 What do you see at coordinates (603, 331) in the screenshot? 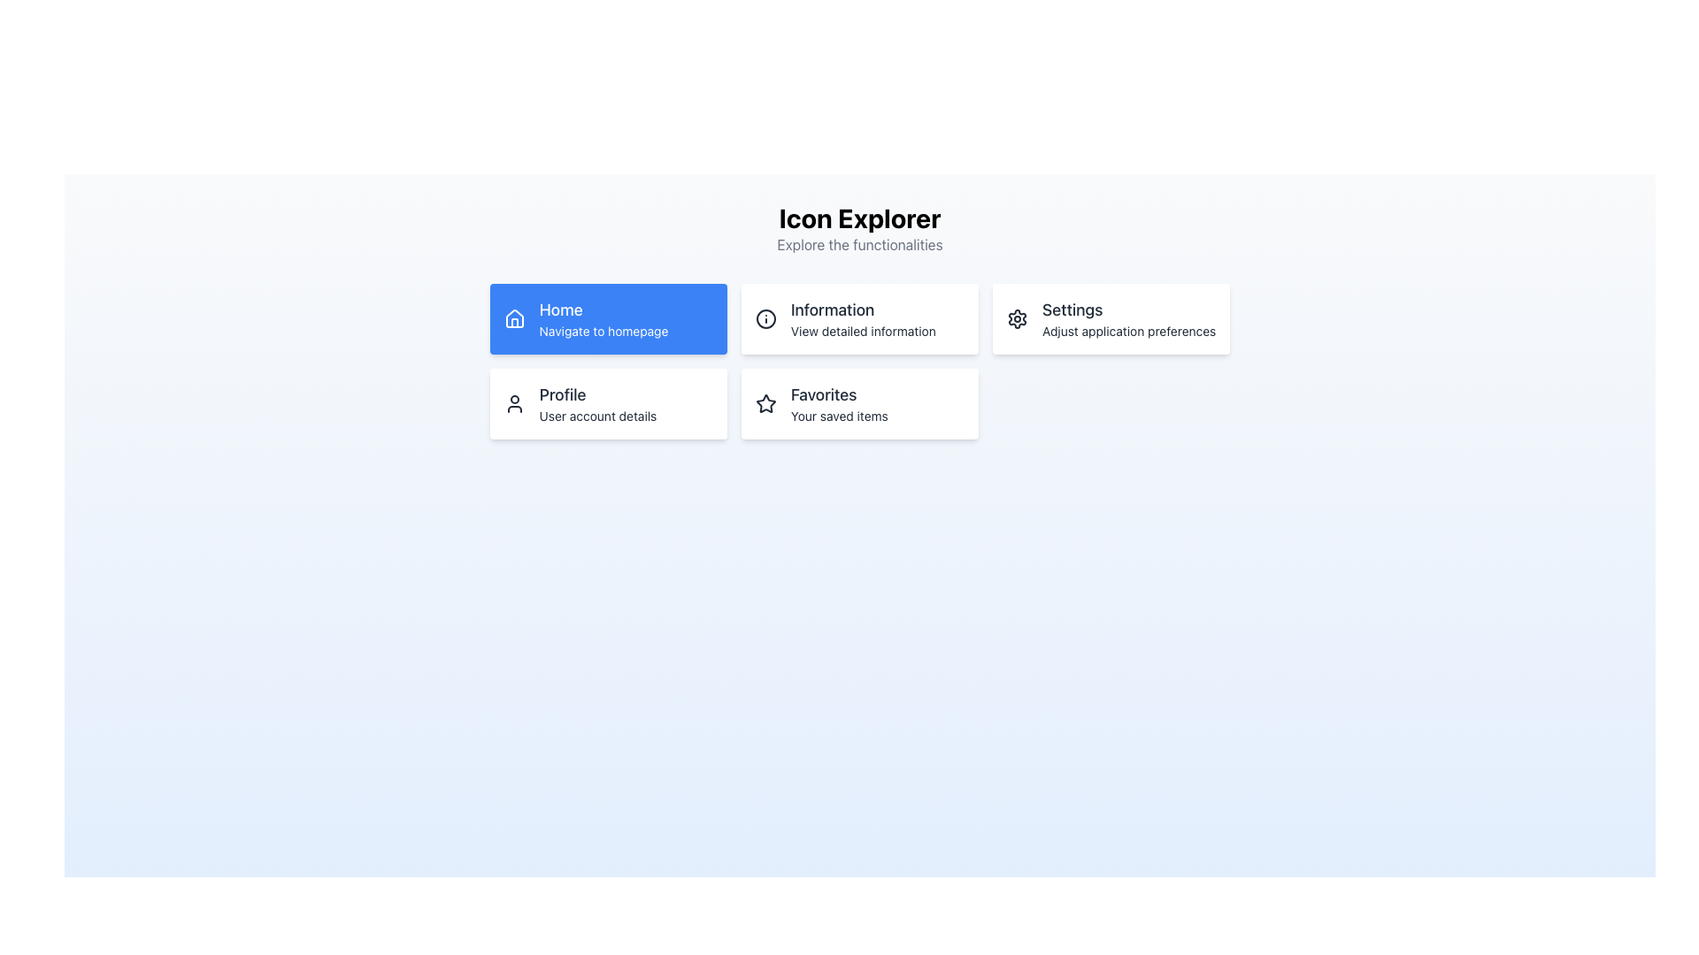
I see `the descriptive subtitle text label located below the 'Home' text element in the highlighted blue card titled 'Home'` at bounding box center [603, 331].